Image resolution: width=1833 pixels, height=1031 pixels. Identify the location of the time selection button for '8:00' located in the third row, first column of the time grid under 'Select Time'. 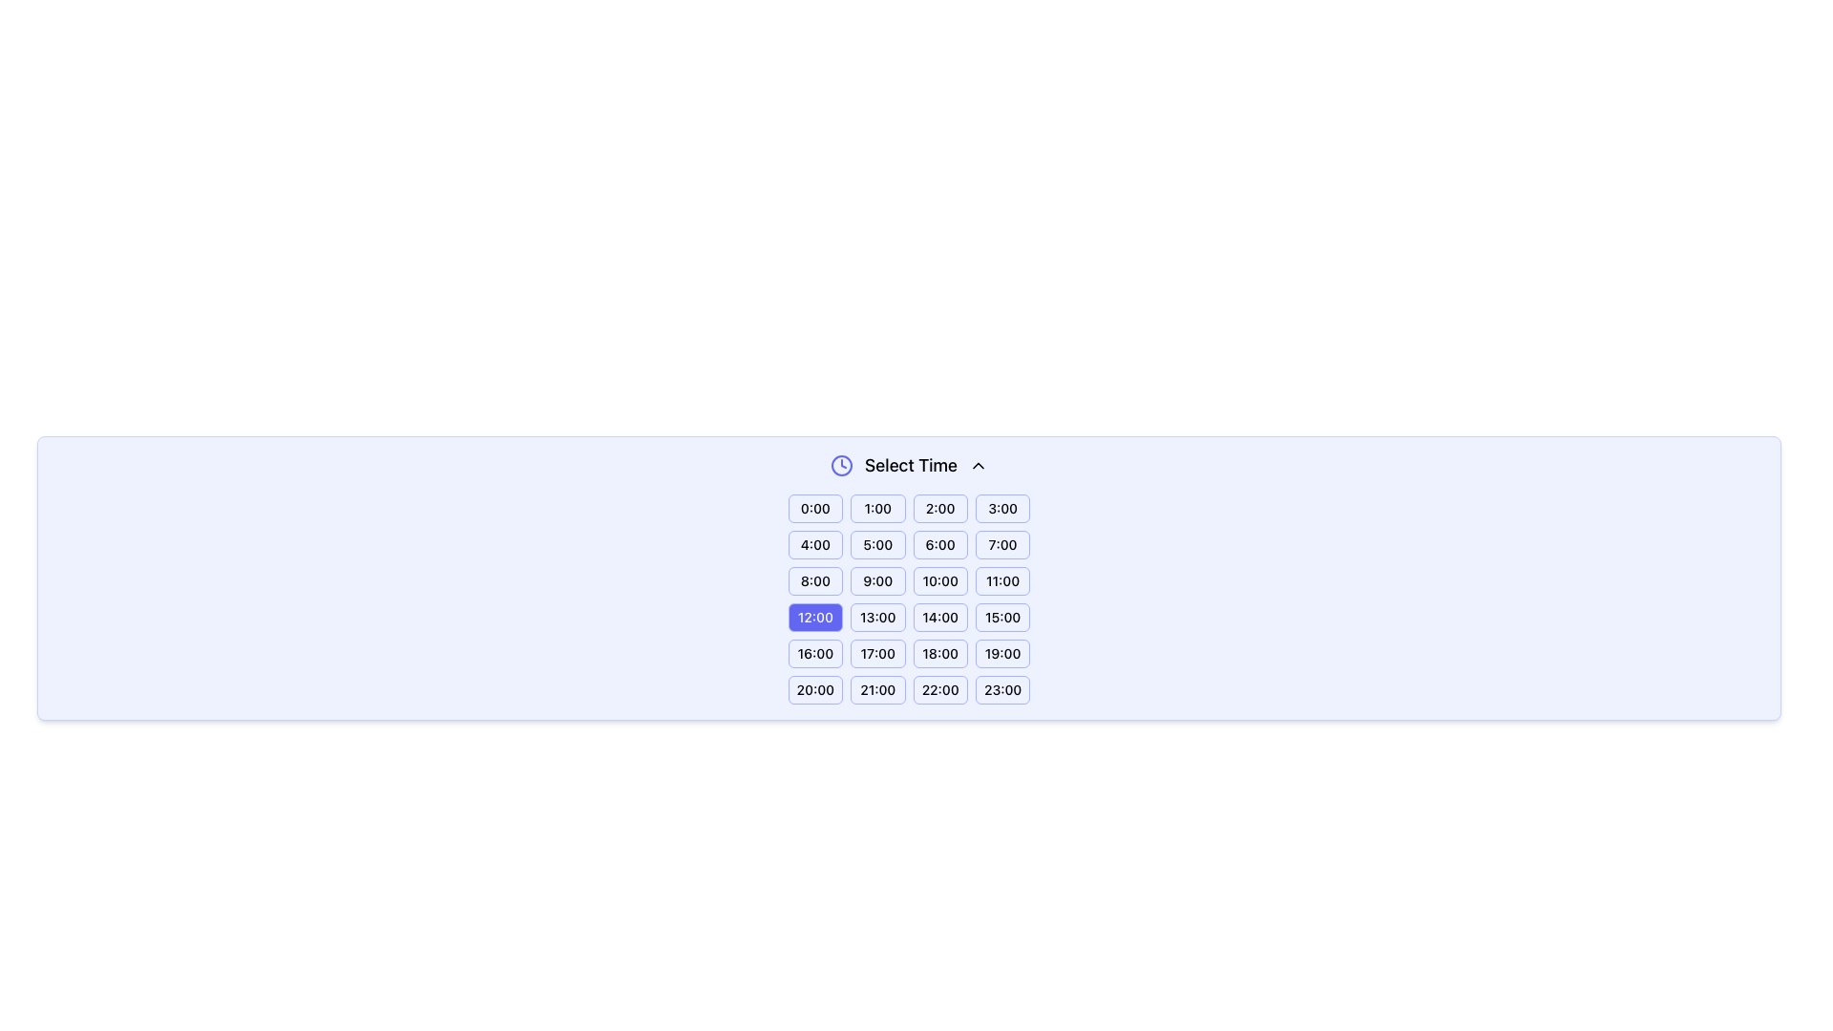
(815, 580).